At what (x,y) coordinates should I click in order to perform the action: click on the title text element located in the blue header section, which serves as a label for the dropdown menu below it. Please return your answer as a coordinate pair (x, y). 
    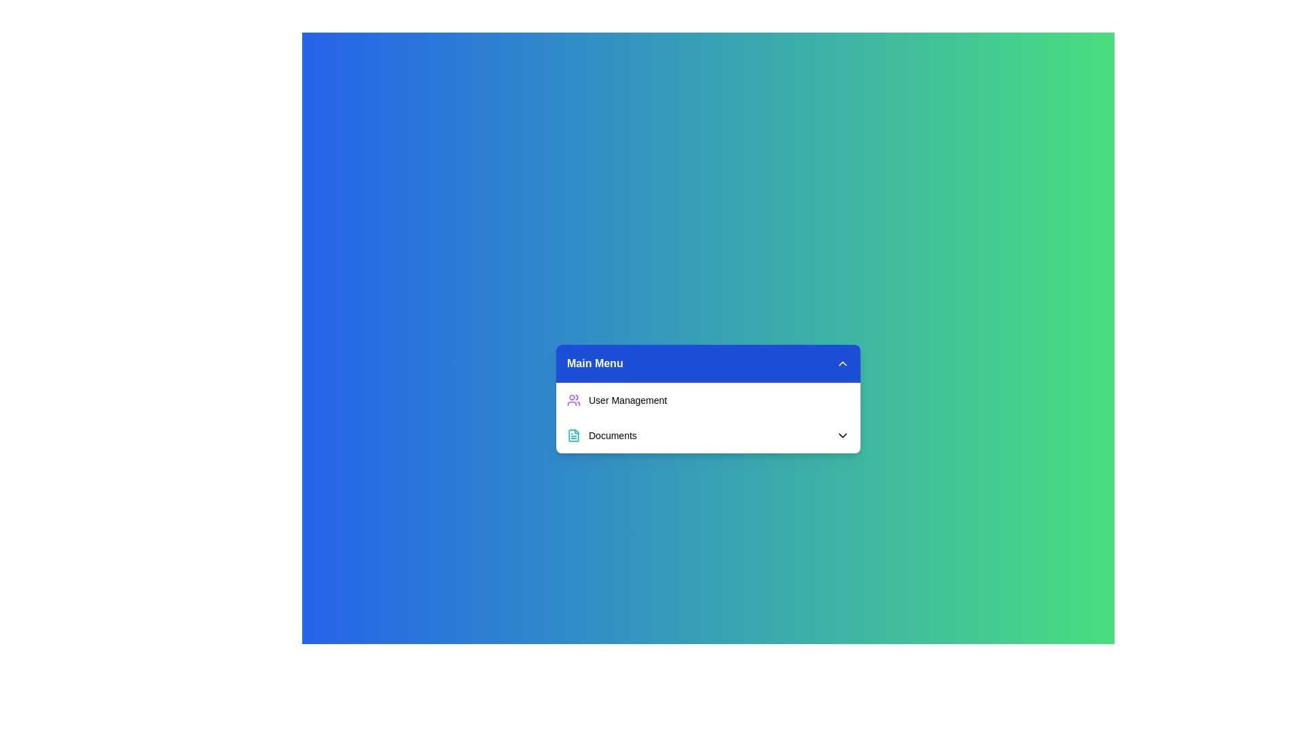
    Looking at the image, I should click on (595, 363).